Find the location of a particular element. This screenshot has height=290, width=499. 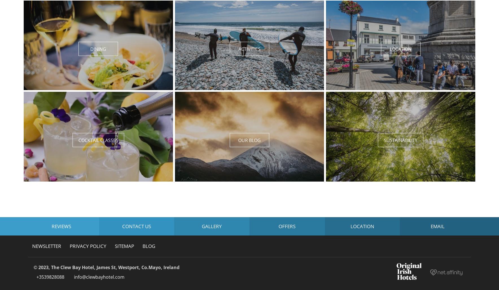

'Email' is located at coordinates (437, 226).